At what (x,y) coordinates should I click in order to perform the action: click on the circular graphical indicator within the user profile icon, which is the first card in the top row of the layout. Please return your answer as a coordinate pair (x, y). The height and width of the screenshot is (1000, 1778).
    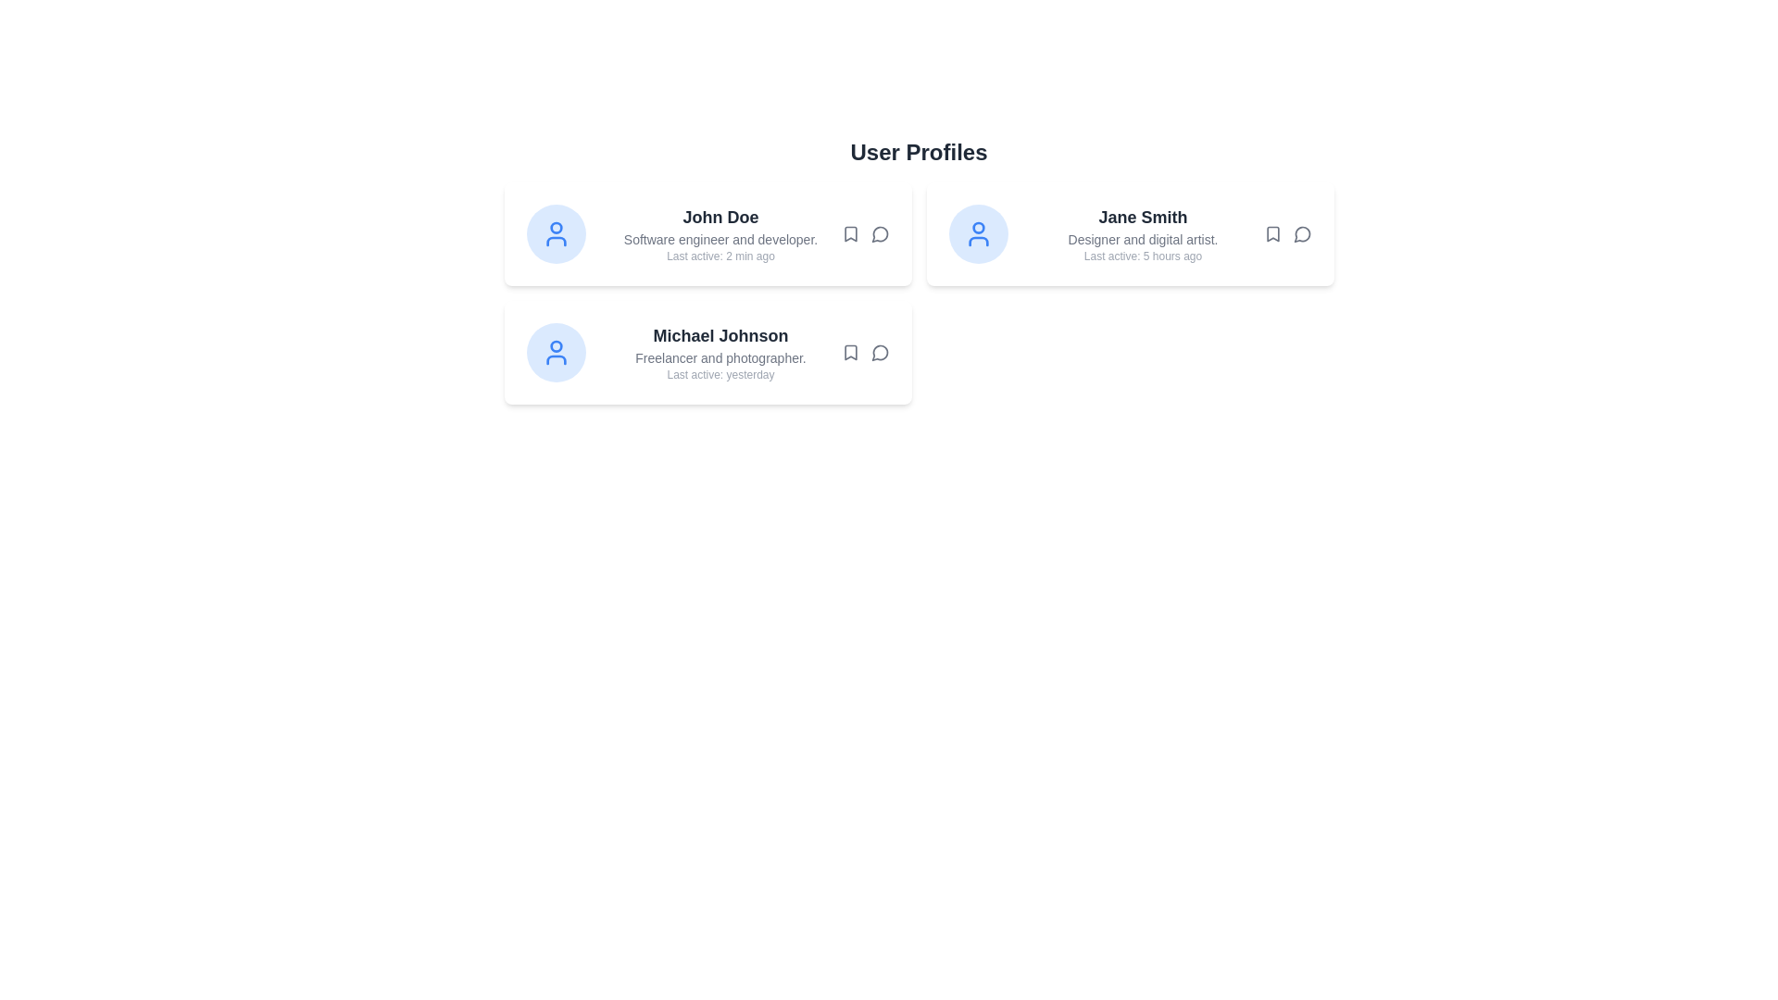
    Looking at the image, I should click on (555, 227).